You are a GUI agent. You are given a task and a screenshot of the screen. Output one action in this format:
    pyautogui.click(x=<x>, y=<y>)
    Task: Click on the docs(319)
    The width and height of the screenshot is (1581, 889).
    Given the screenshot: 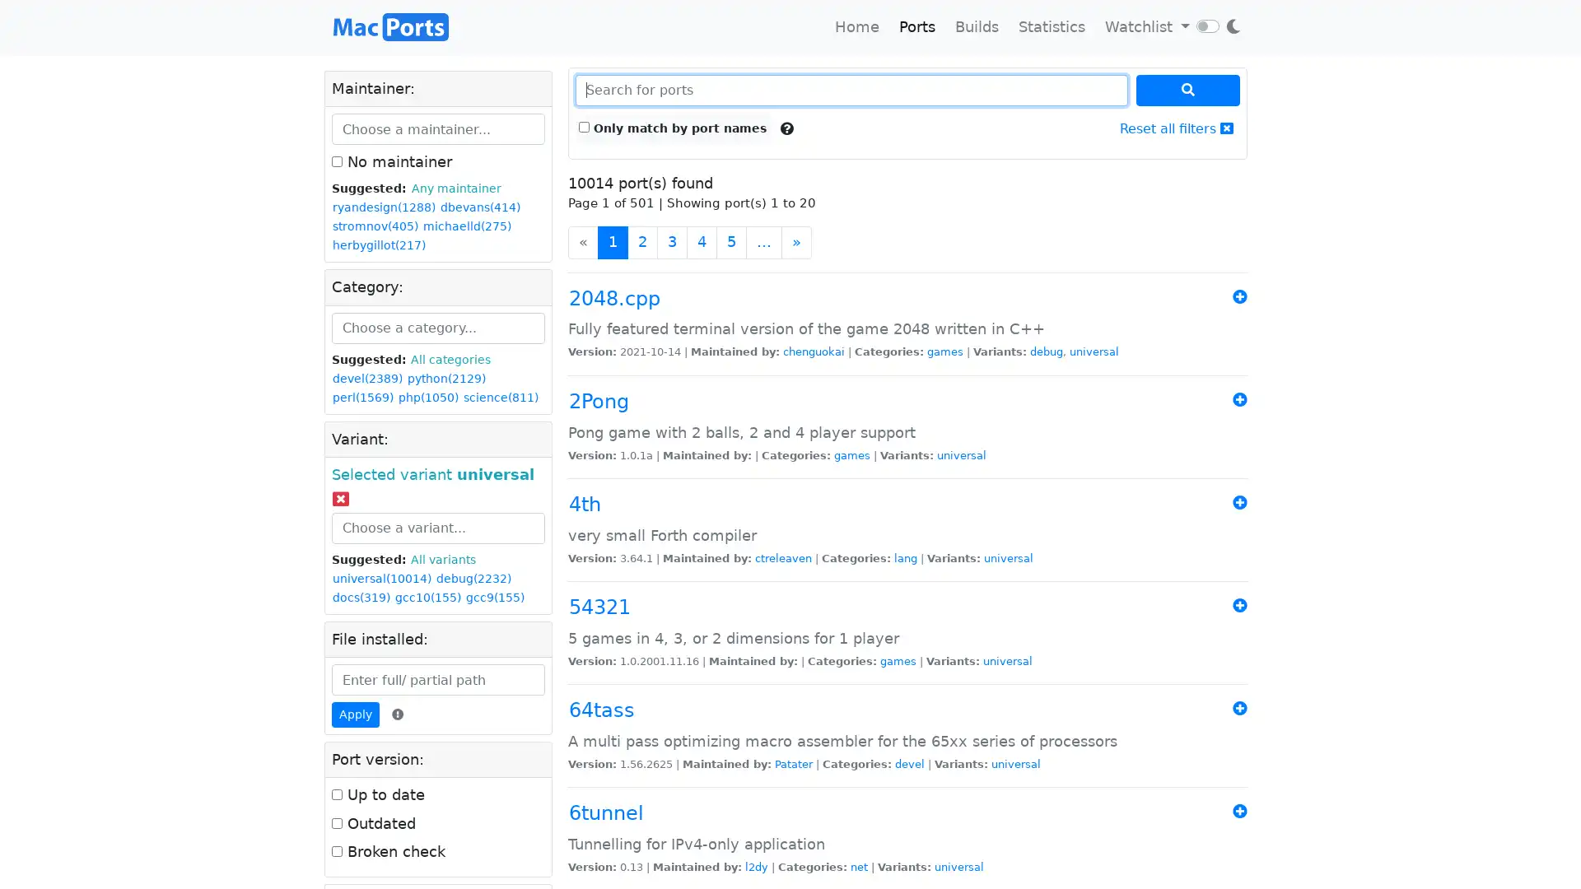 What is the action you would take?
    pyautogui.click(x=360, y=597)
    